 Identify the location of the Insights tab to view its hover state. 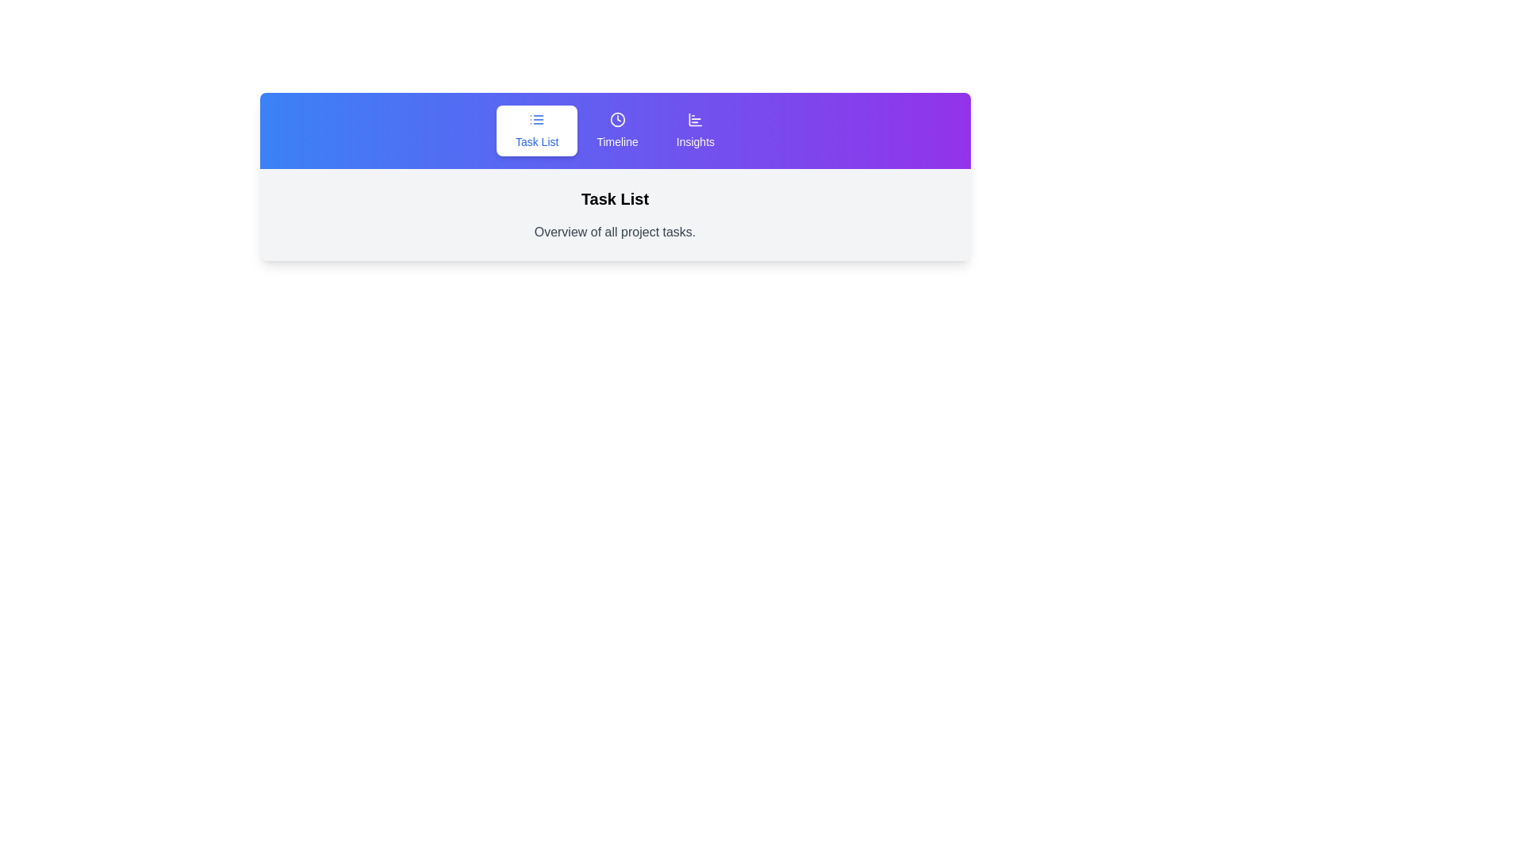
(695, 130).